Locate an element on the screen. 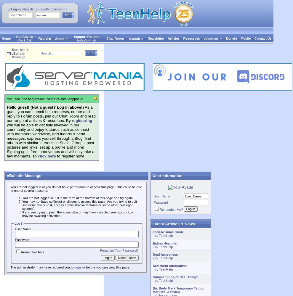 Image resolution: width=293 pixels, height=296 pixels. 'You are not logged in. Fill in the form at the bottom of this page and try again.' is located at coordinates (22, 198).